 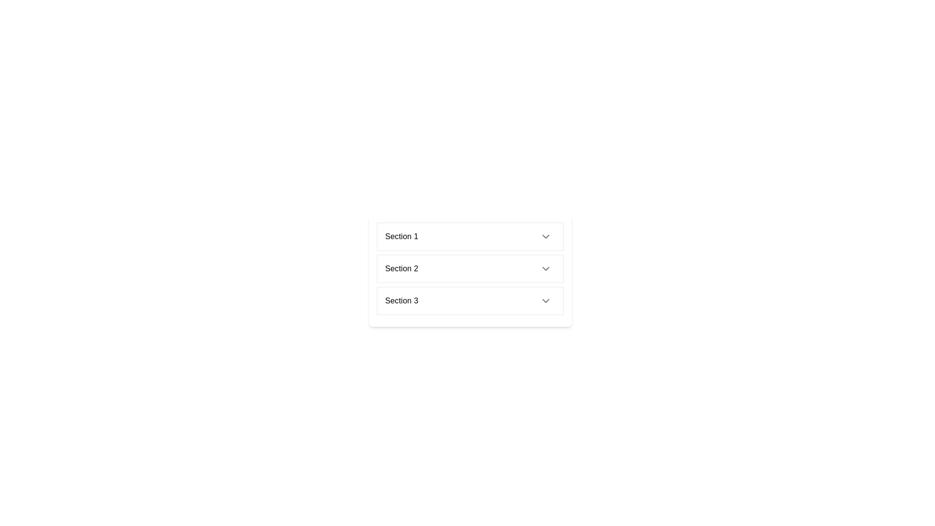 What do you see at coordinates (470, 313) in the screenshot?
I see `the third item in the vertical list, which is positioned between 'Item B1' and the following items` at bounding box center [470, 313].